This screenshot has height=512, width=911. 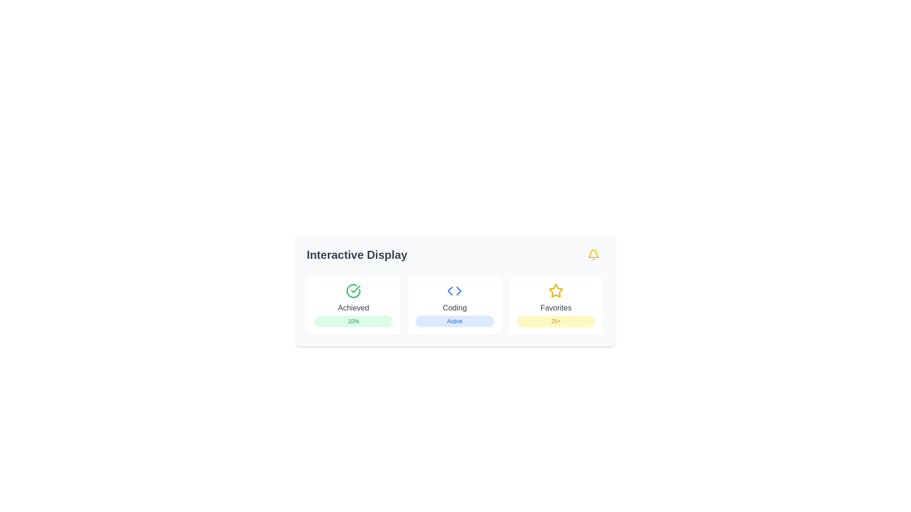 What do you see at coordinates (454, 290) in the screenshot?
I see `the 'Coding' Informative card, which is the middle card in a group of three` at bounding box center [454, 290].